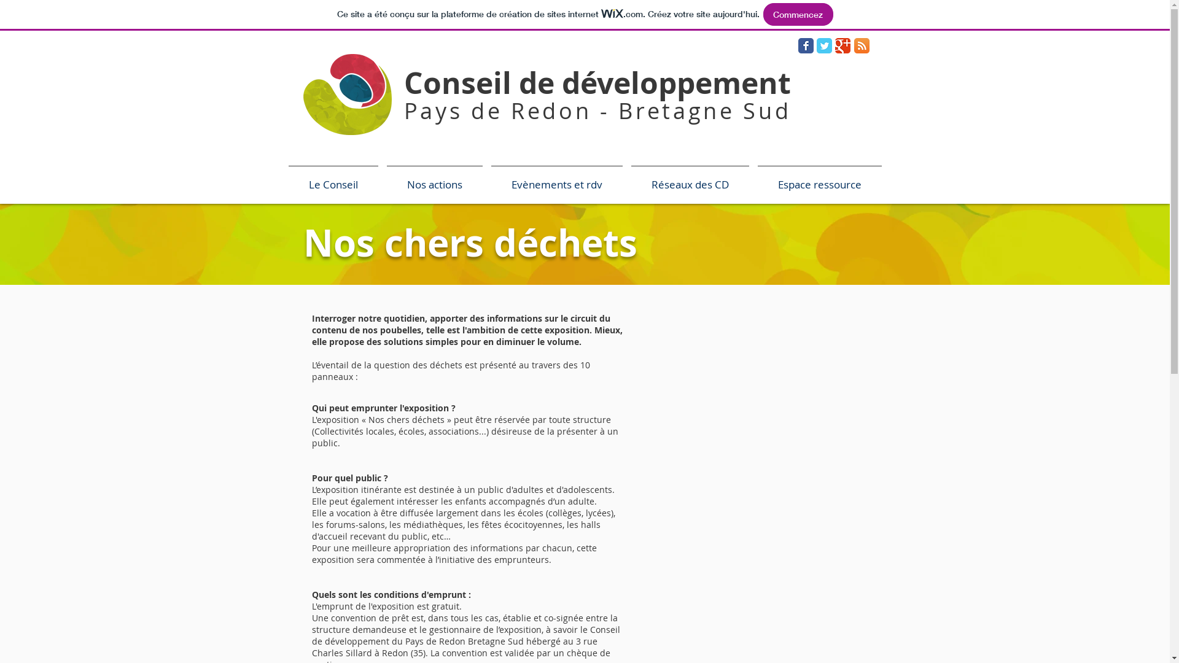  Describe the element at coordinates (819, 179) in the screenshot. I see `'Espace ressource'` at that location.